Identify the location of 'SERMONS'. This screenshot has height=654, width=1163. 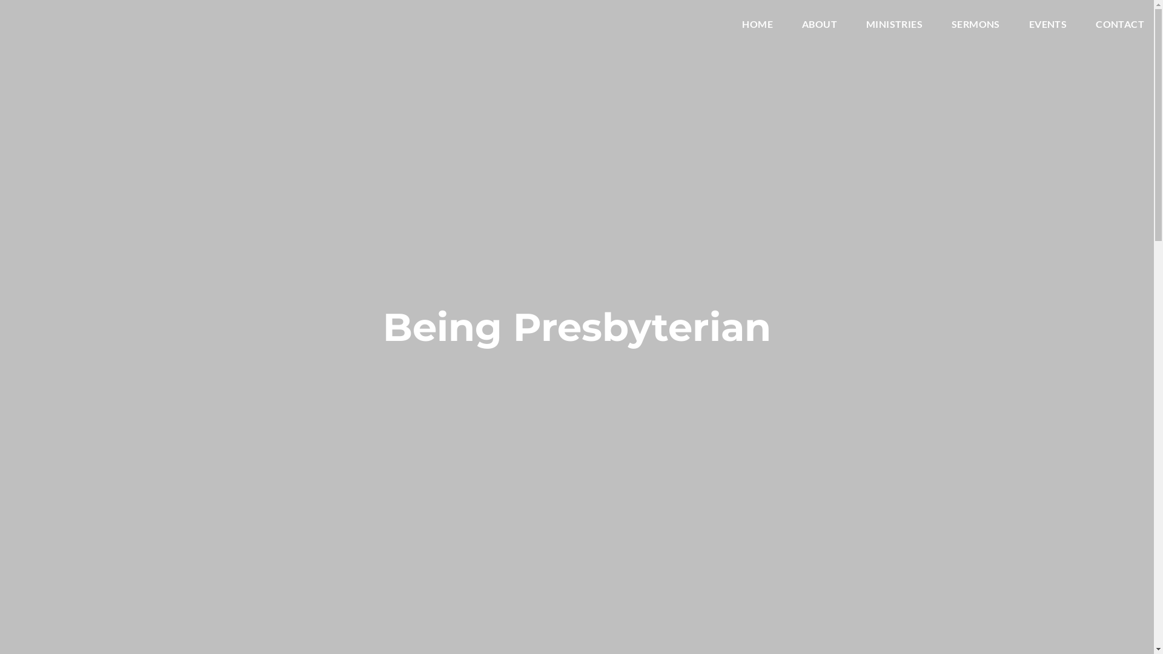
(976, 26).